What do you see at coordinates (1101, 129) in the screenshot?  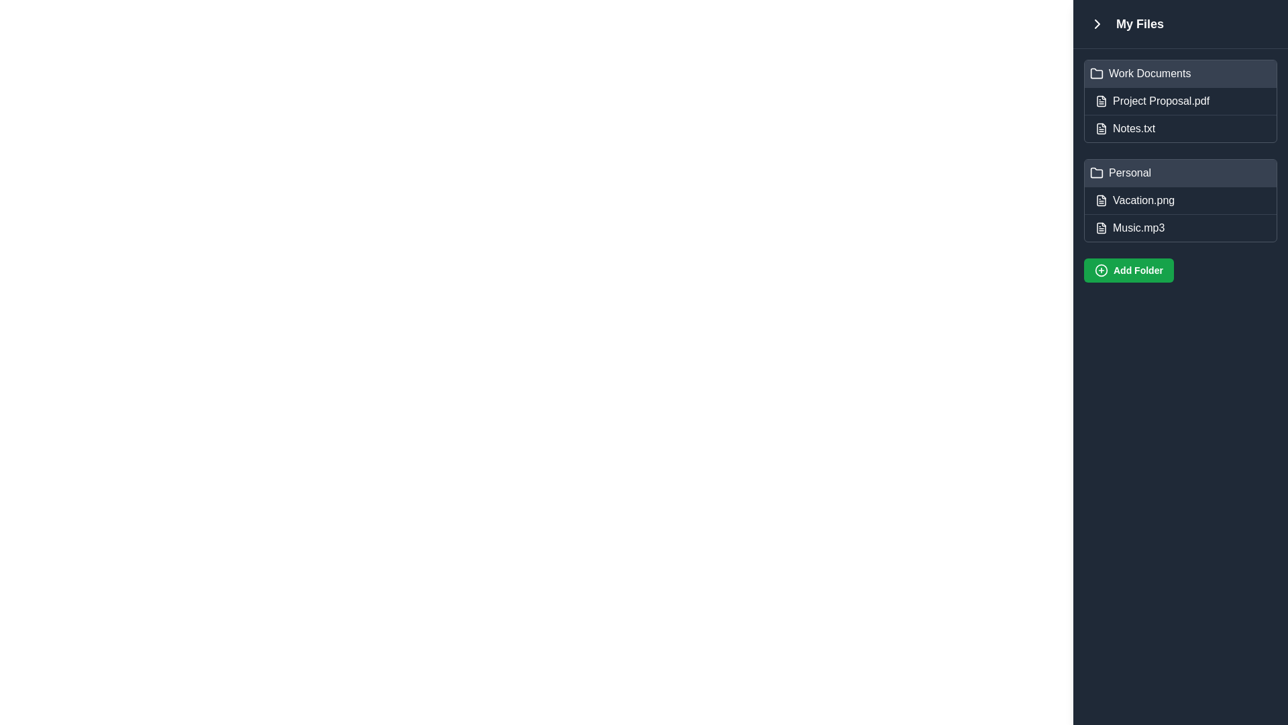 I see `the file icon represented as a graphical page file with a folded corner, located in the right sidebar of the interface` at bounding box center [1101, 129].